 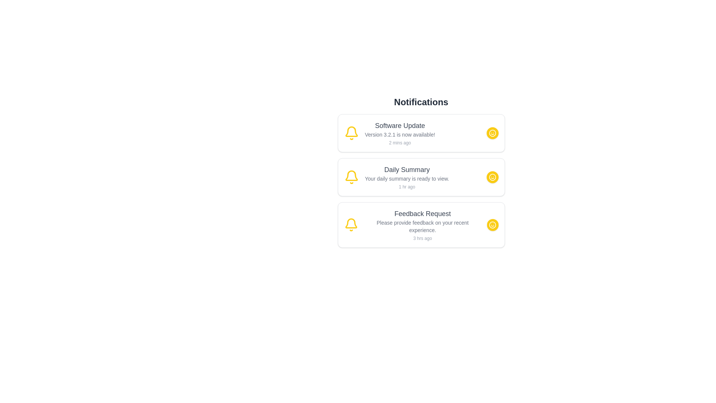 What do you see at coordinates (492, 177) in the screenshot?
I see `the smiley button for the notification titled 'Daily Summary'` at bounding box center [492, 177].